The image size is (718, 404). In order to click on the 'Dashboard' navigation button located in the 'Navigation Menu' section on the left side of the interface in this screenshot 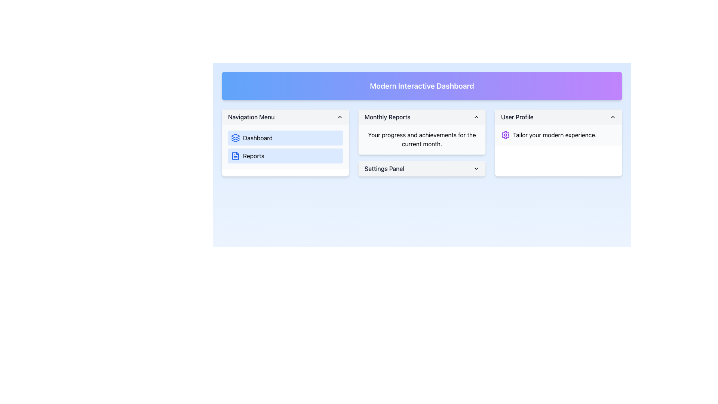, I will do `click(285, 138)`.